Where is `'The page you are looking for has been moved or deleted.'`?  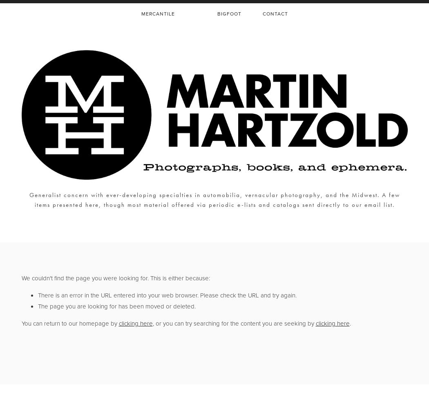 'The page you are looking for has been moved or deleted.' is located at coordinates (116, 306).